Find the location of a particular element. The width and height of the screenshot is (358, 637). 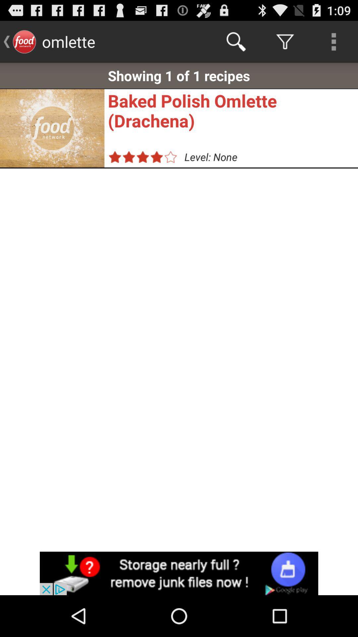

advertisement area is located at coordinates (179, 573).